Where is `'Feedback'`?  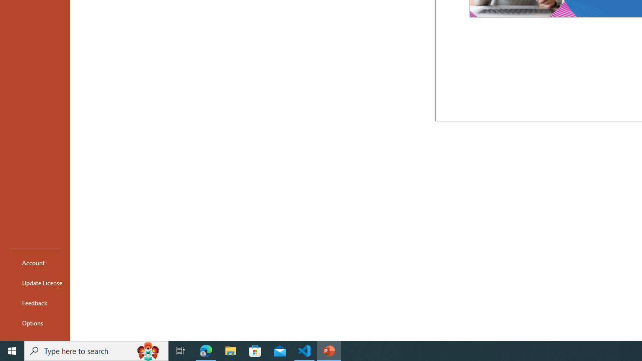
'Feedback' is located at coordinates (35, 302).